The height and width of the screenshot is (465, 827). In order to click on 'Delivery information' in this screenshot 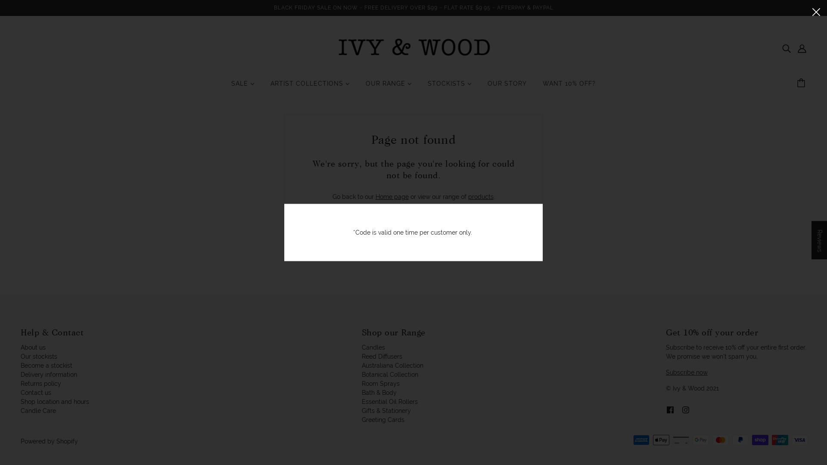, I will do `click(21, 374)`.